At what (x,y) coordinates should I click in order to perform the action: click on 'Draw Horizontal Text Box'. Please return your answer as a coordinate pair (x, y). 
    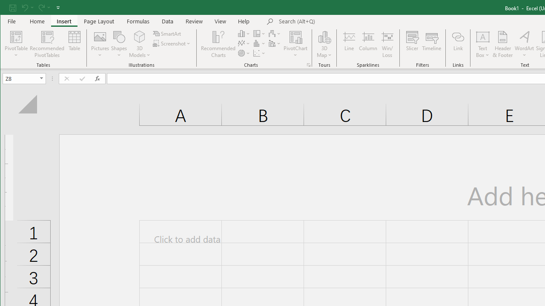
    Looking at the image, I should click on (483, 36).